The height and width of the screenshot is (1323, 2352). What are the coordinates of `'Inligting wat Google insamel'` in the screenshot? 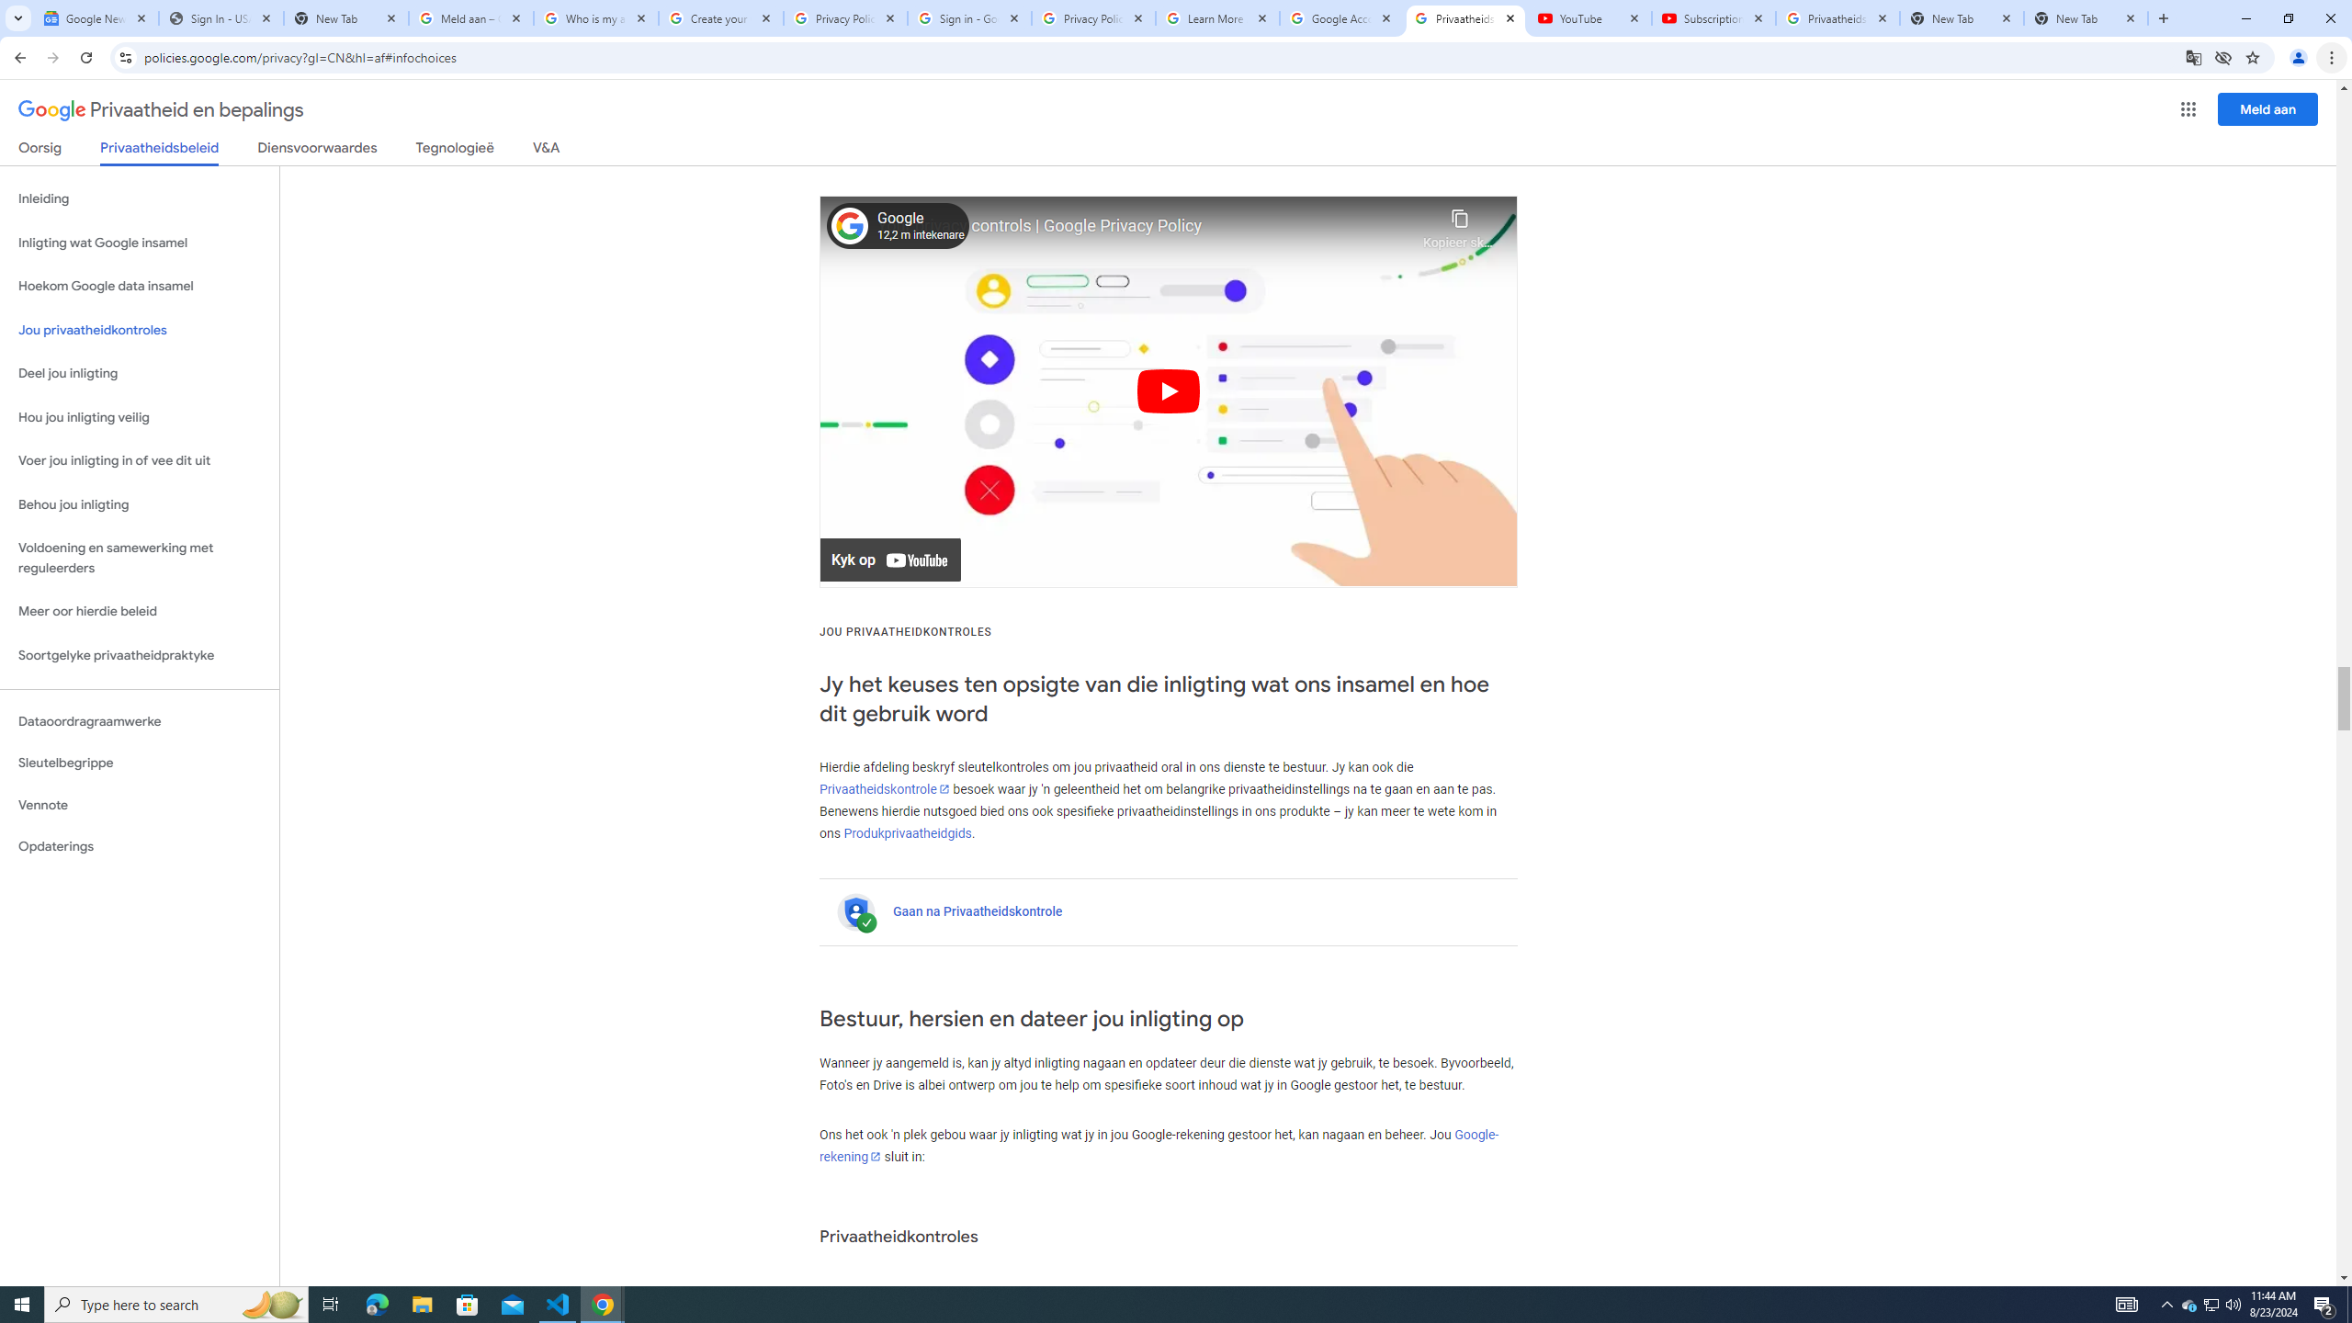 It's located at (139, 243).